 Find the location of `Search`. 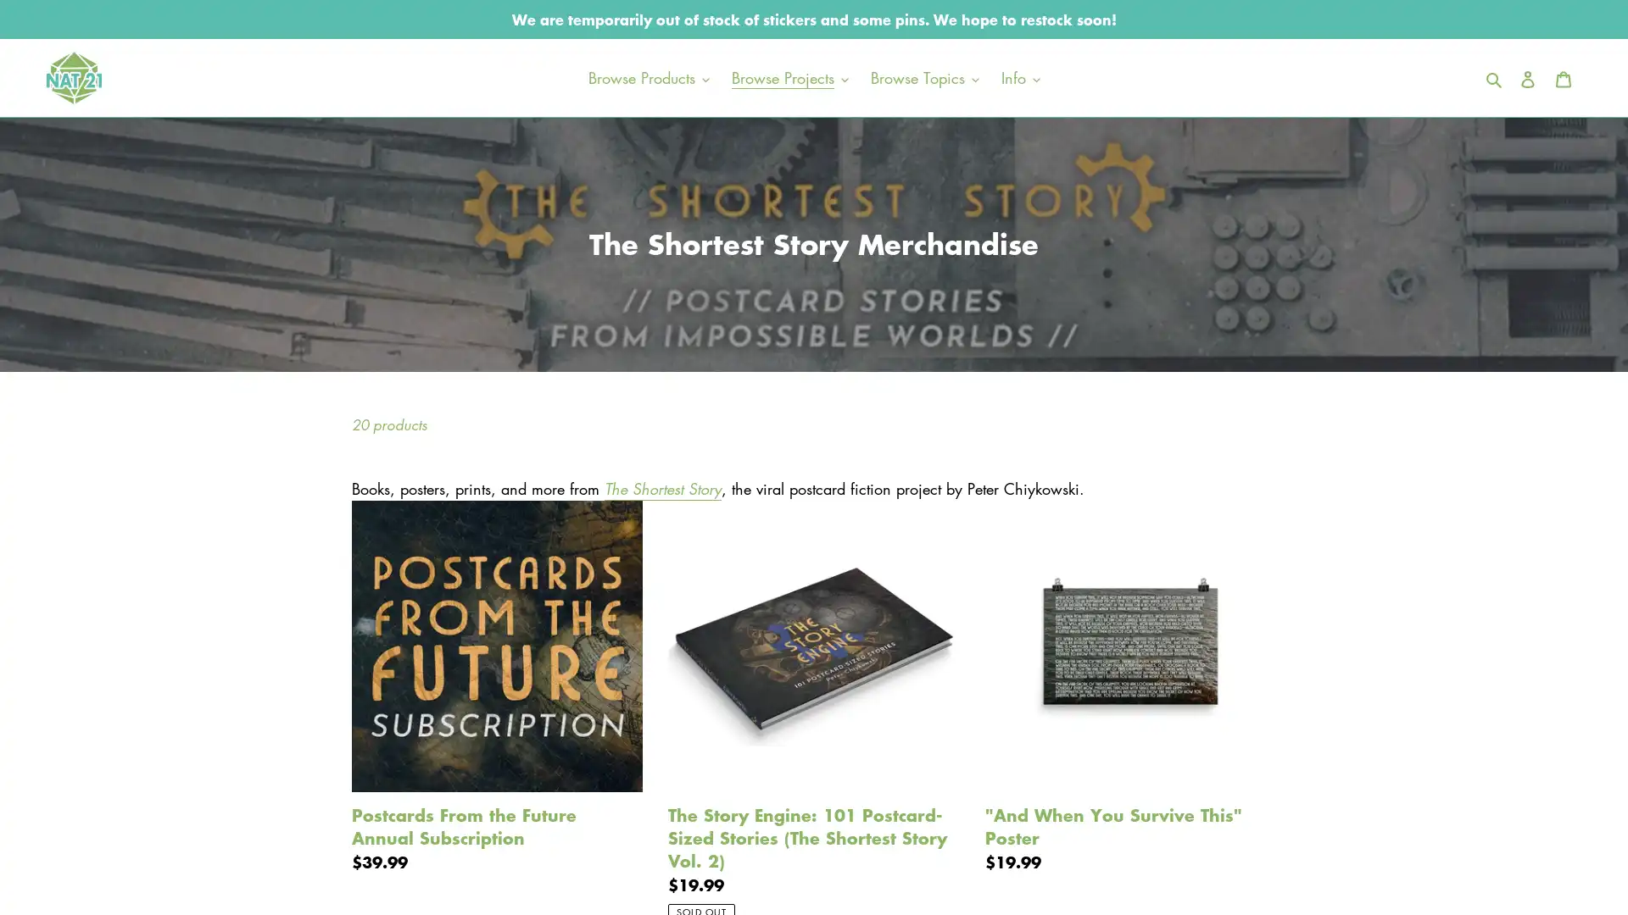

Search is located at coordinates (1495, 77).